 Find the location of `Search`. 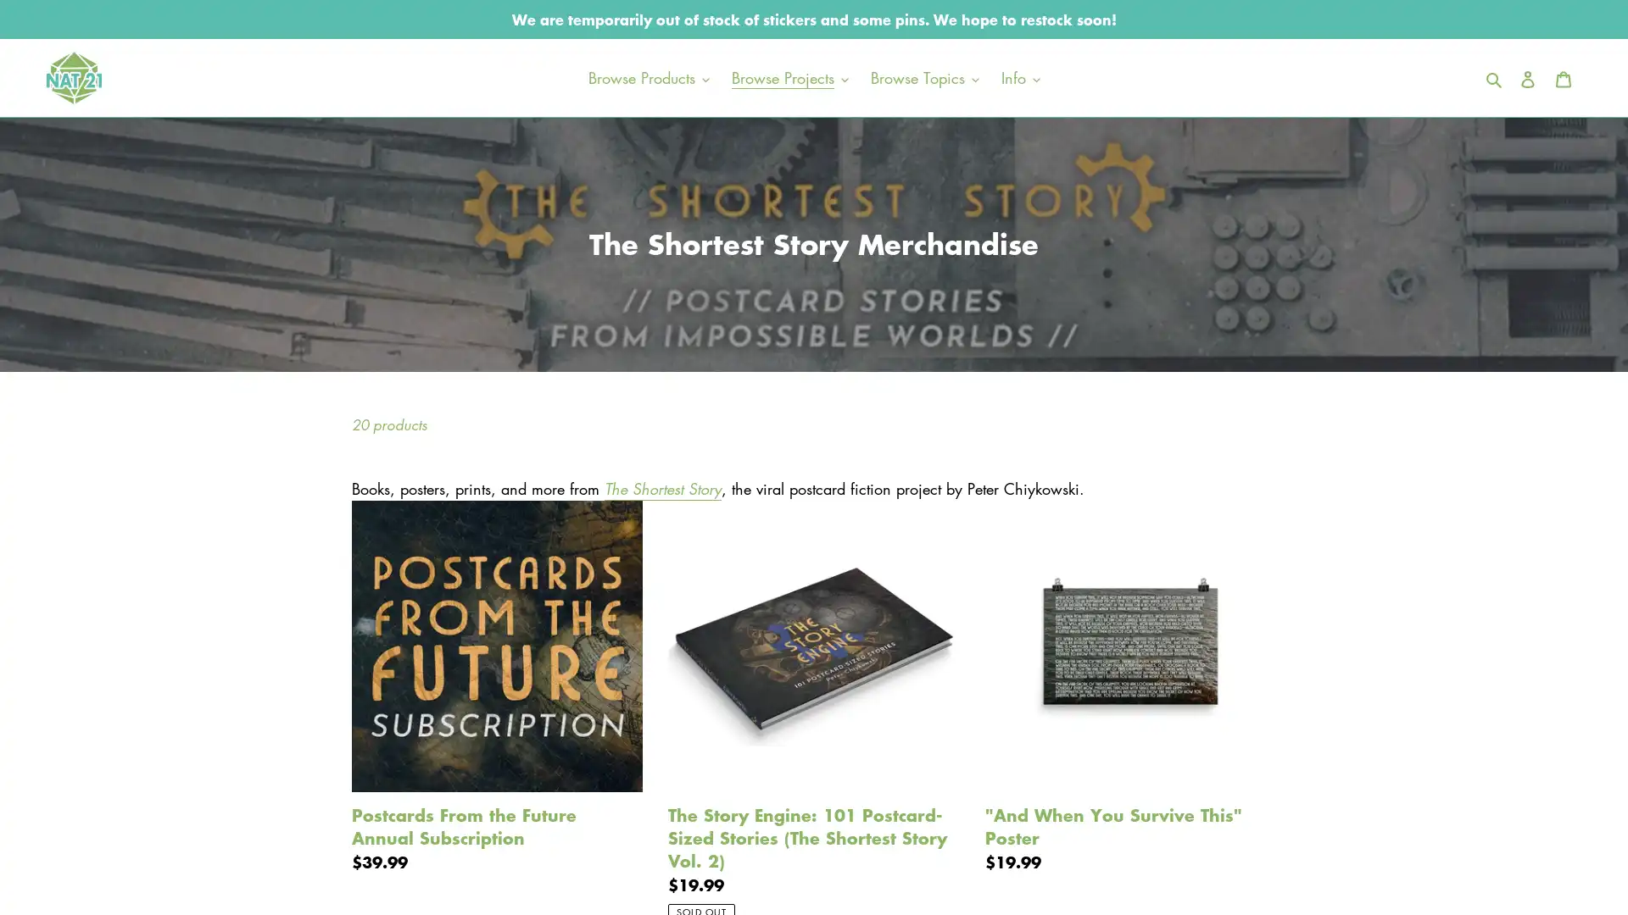

Search is located at coordinates (1495, 77).